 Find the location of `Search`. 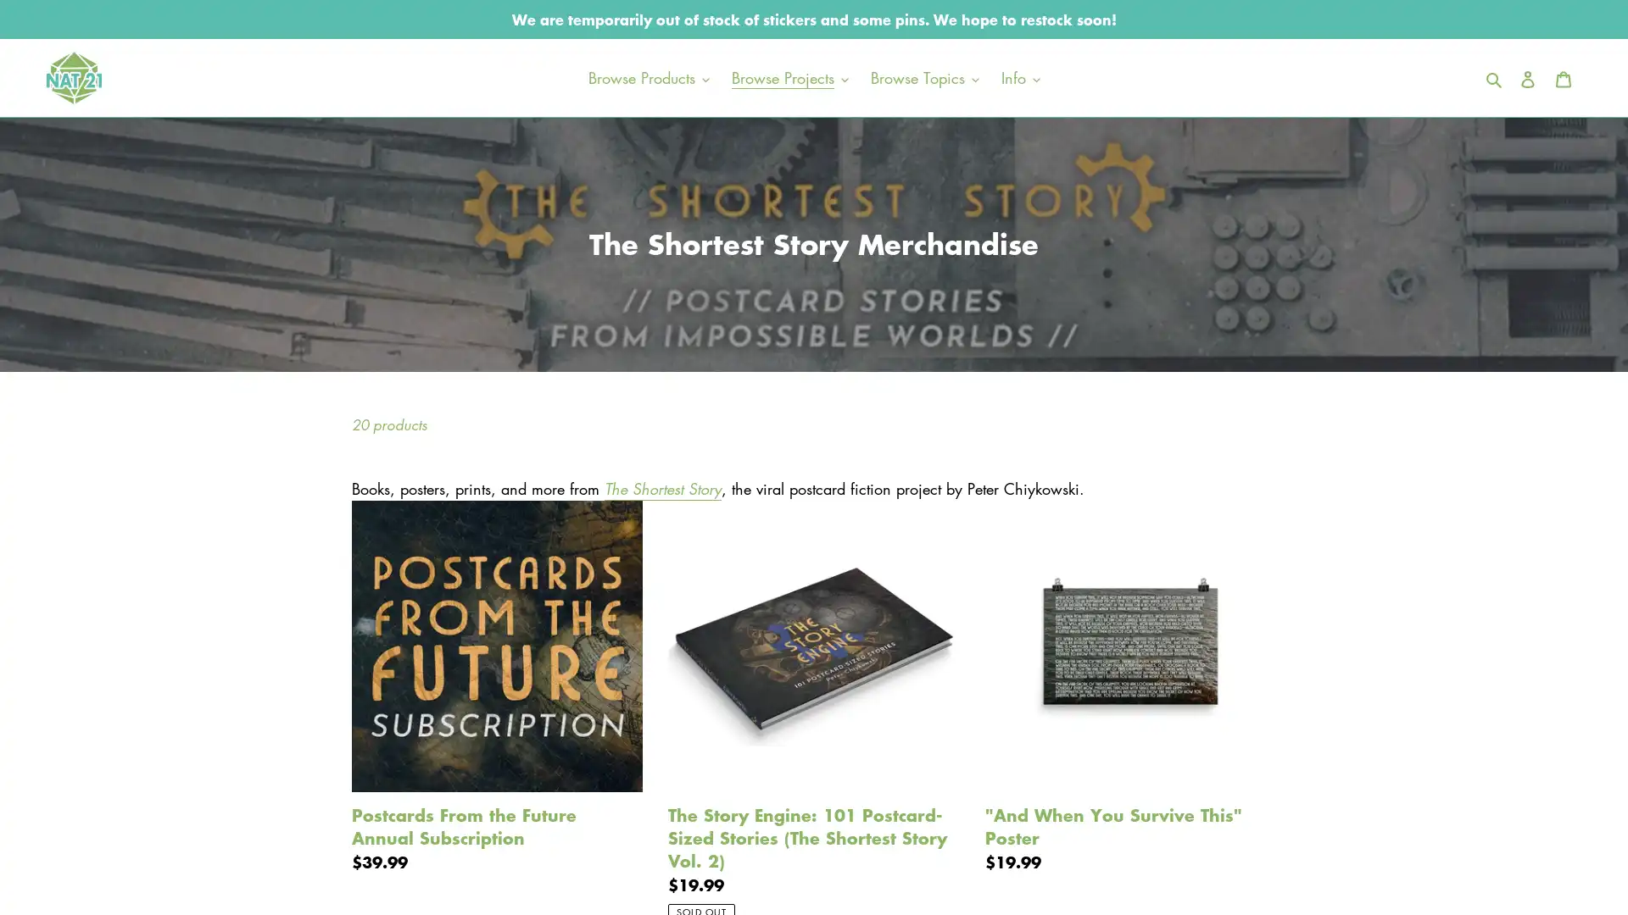

Search is located at coordinates (1495, 77).